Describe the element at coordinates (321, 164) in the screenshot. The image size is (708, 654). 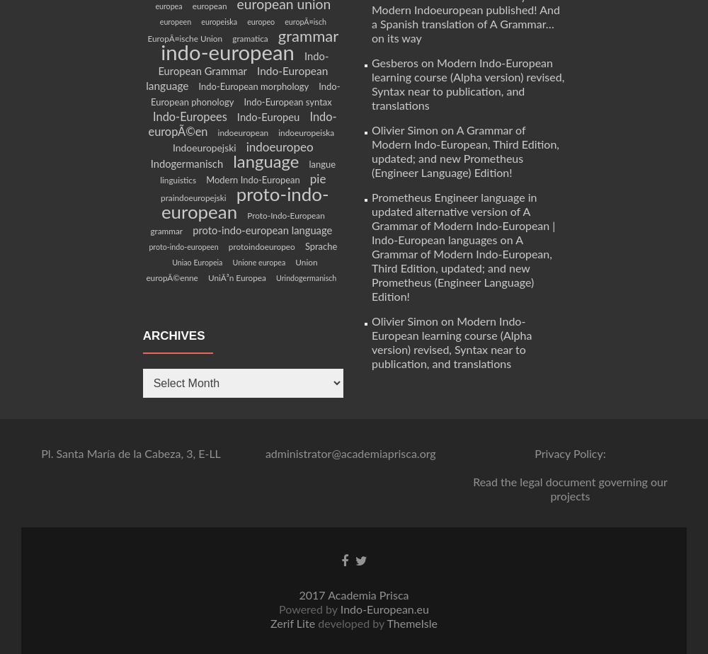
I see `'langue'` at that location.